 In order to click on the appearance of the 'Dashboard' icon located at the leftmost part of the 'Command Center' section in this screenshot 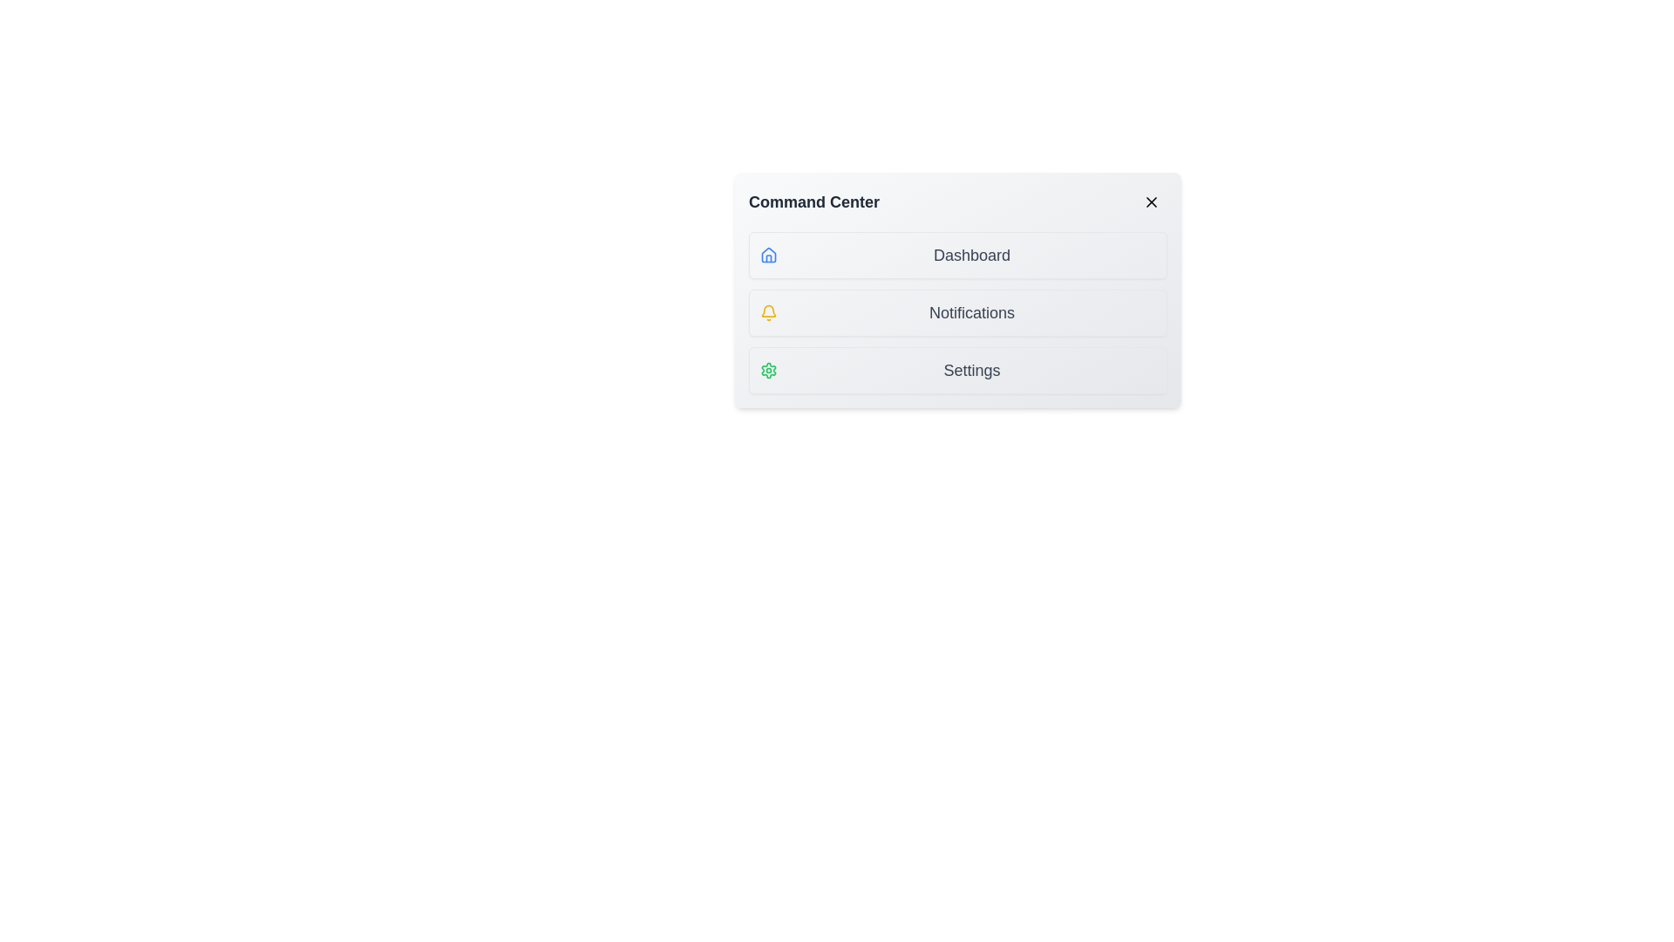, I will do `click(768, 256)`.